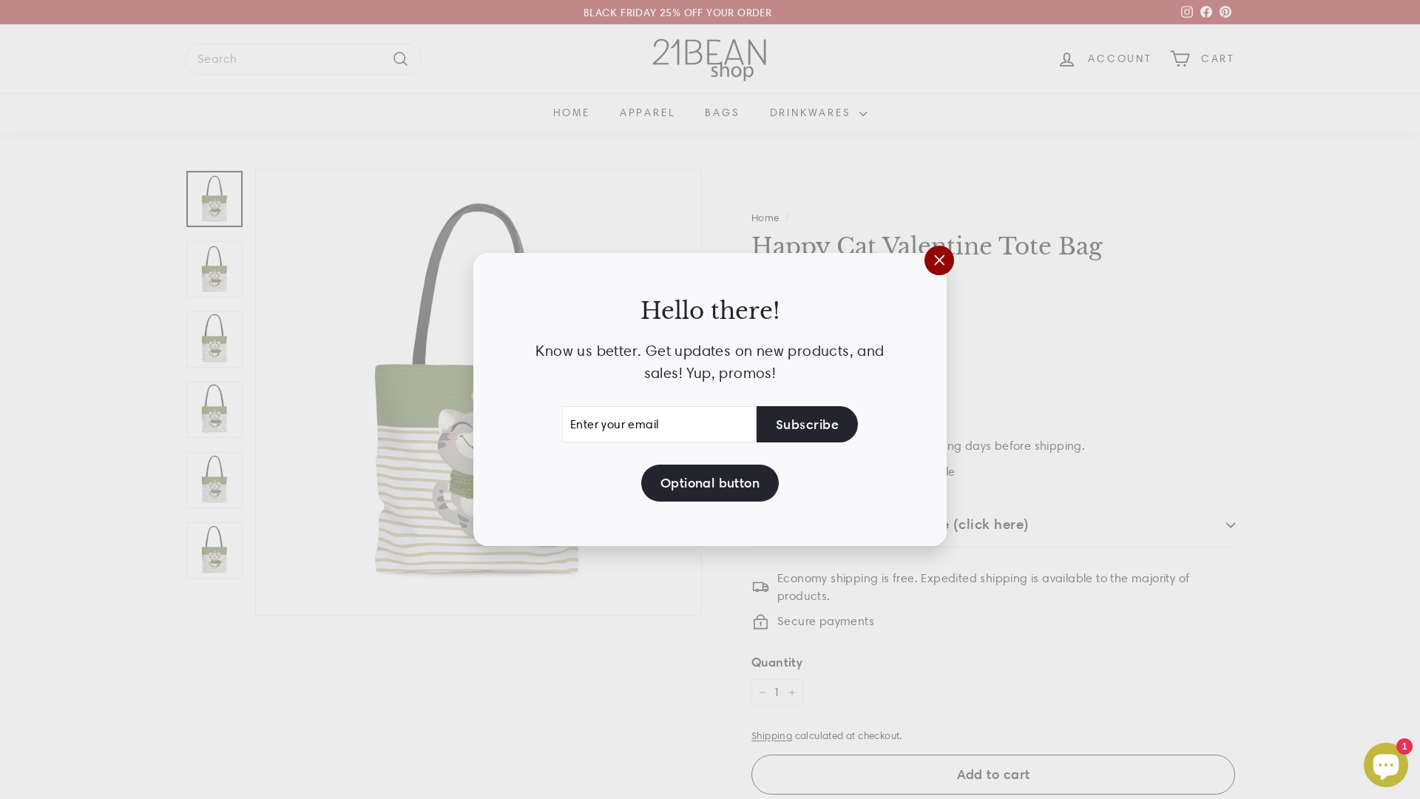 This screenshot has width=1420, height=799. I want to click on '+', so click(791, 692).